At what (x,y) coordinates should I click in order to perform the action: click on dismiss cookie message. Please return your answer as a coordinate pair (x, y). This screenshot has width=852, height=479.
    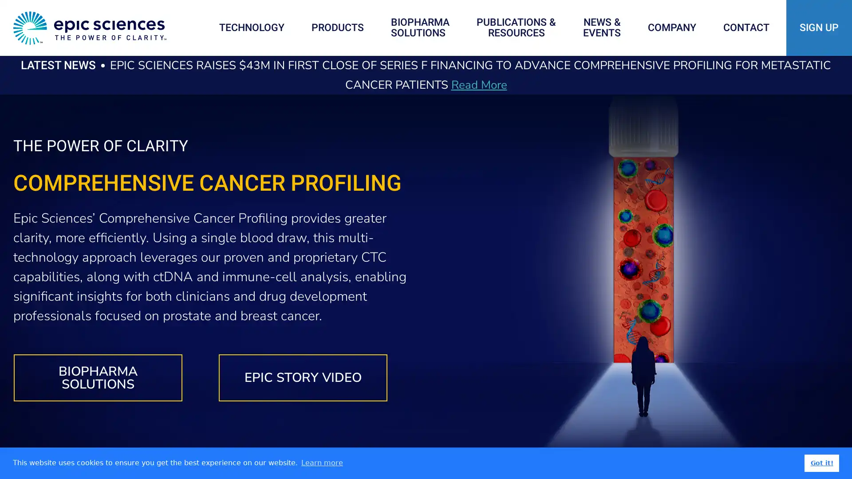
    Looking at the image, I should click on (821, 463).